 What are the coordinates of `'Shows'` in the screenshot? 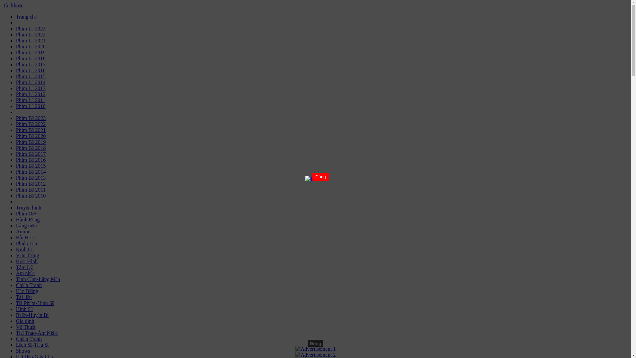 It's located at (23, 350).